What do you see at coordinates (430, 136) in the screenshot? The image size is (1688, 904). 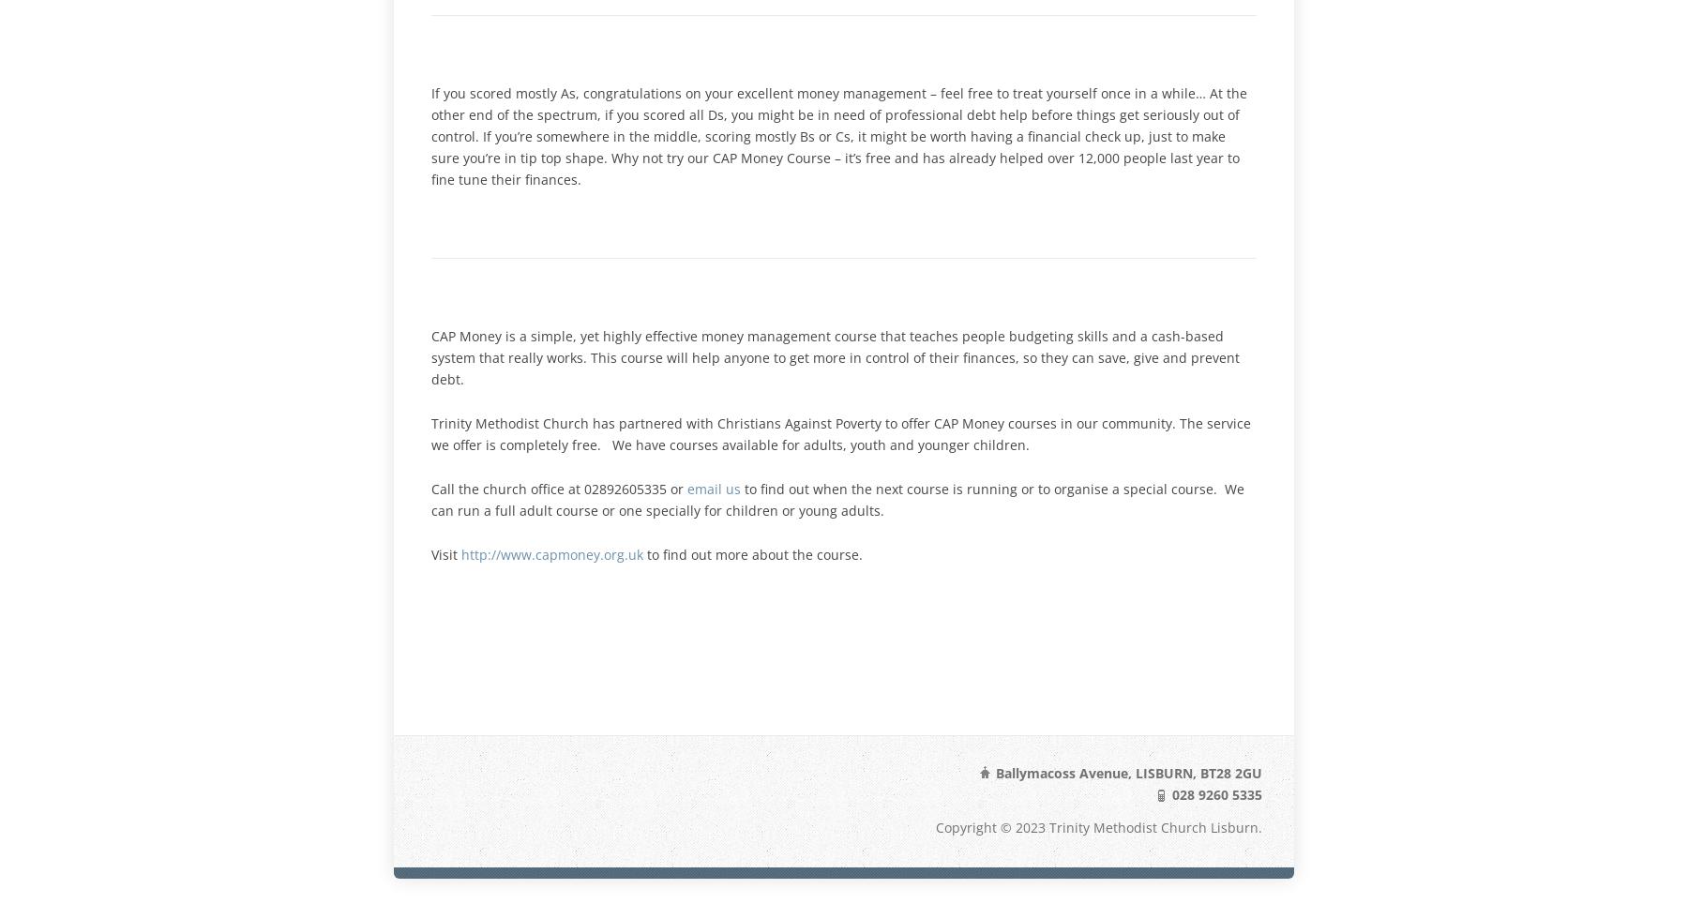 I see `'If you scored mostly As, congratulations on your excellent money management – feel free to treat yourself once in a while… At the other end of the spectrum, if you scored all Ds, you might be in need of professional debt help before things get seriously out of control. If you’re somewhere in the middle, scoring mostly Bs or Cs, it might be worth having a financial check up, just to make sure you’re in tip top shape. Why not try our CAP Money Course – it’s free and has already helped over 12,000 people last year to fine tune their finances.'` at bounding box center [430, 136].